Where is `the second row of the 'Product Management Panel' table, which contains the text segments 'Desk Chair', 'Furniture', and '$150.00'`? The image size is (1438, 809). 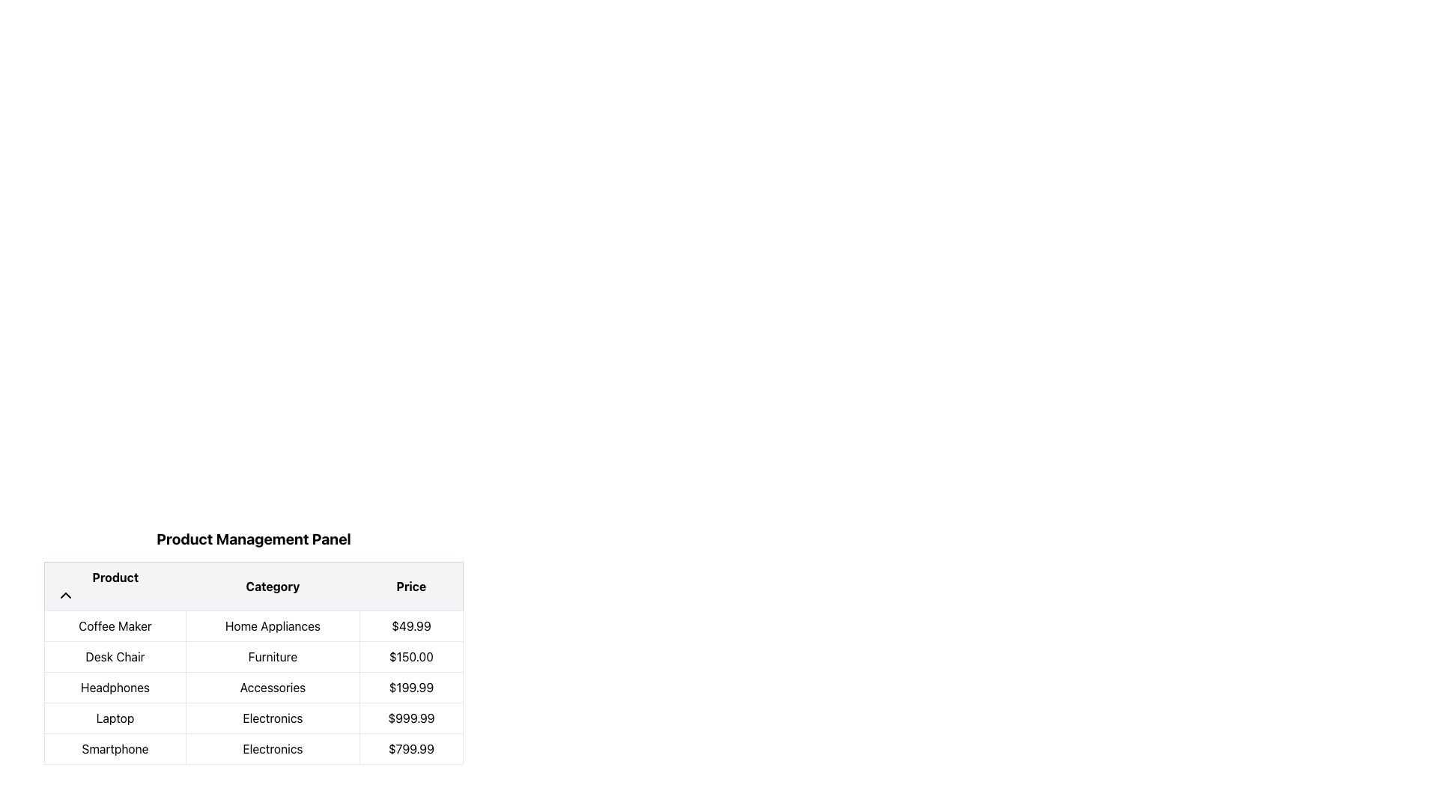
the second row of the 'Product Management Panel' table, which contains the text segments 'Desk Chair', 'Furniture', and '$150.00' is located at coordinates (254, 655).